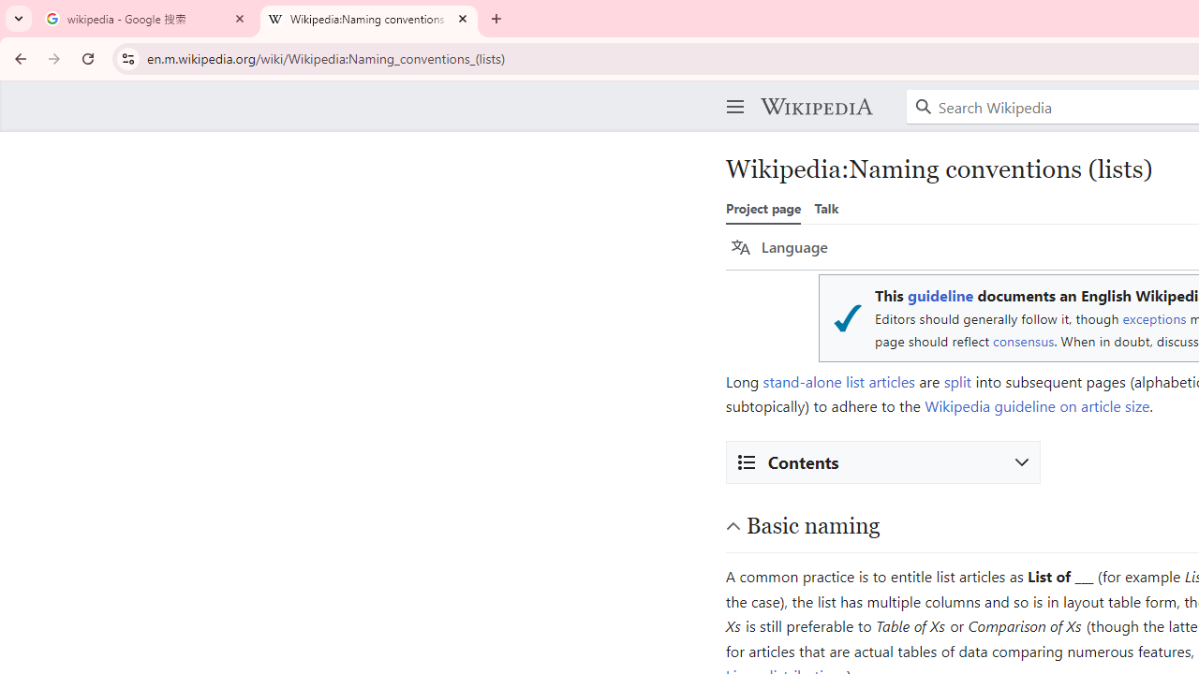 The width and height of the screenshot is (1199, 674). Describe the element at coordinates (816, 107) in the screenshot. I see `'Wikipedia'` at that location.